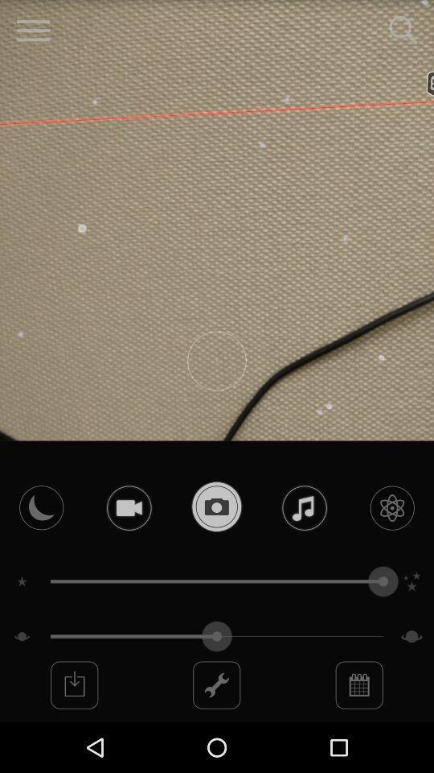 This screenshot has width=434, height=773. I want to click on the music icon, so click(304, 544).